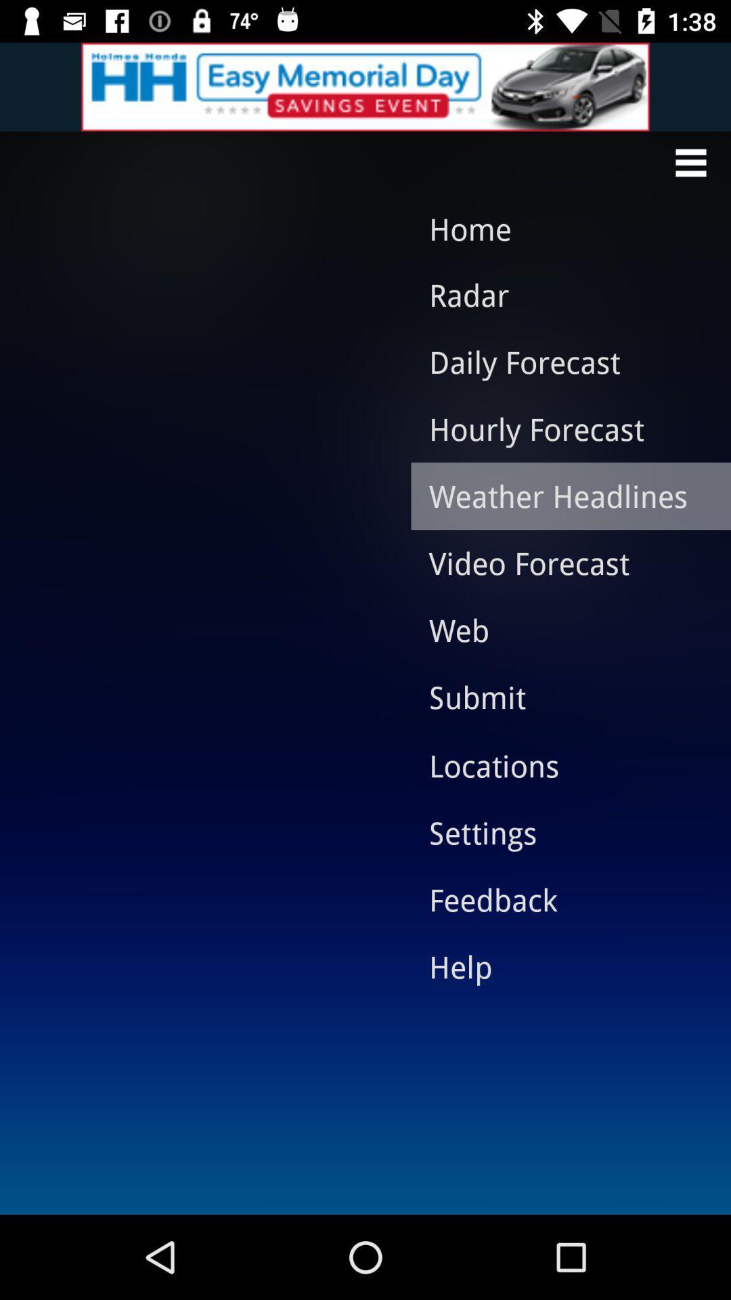 The image size is (731, 1300). What do you see at coordinates (560, 966) in the screenshot?
I see `help item` at bounding box center [560, 966].